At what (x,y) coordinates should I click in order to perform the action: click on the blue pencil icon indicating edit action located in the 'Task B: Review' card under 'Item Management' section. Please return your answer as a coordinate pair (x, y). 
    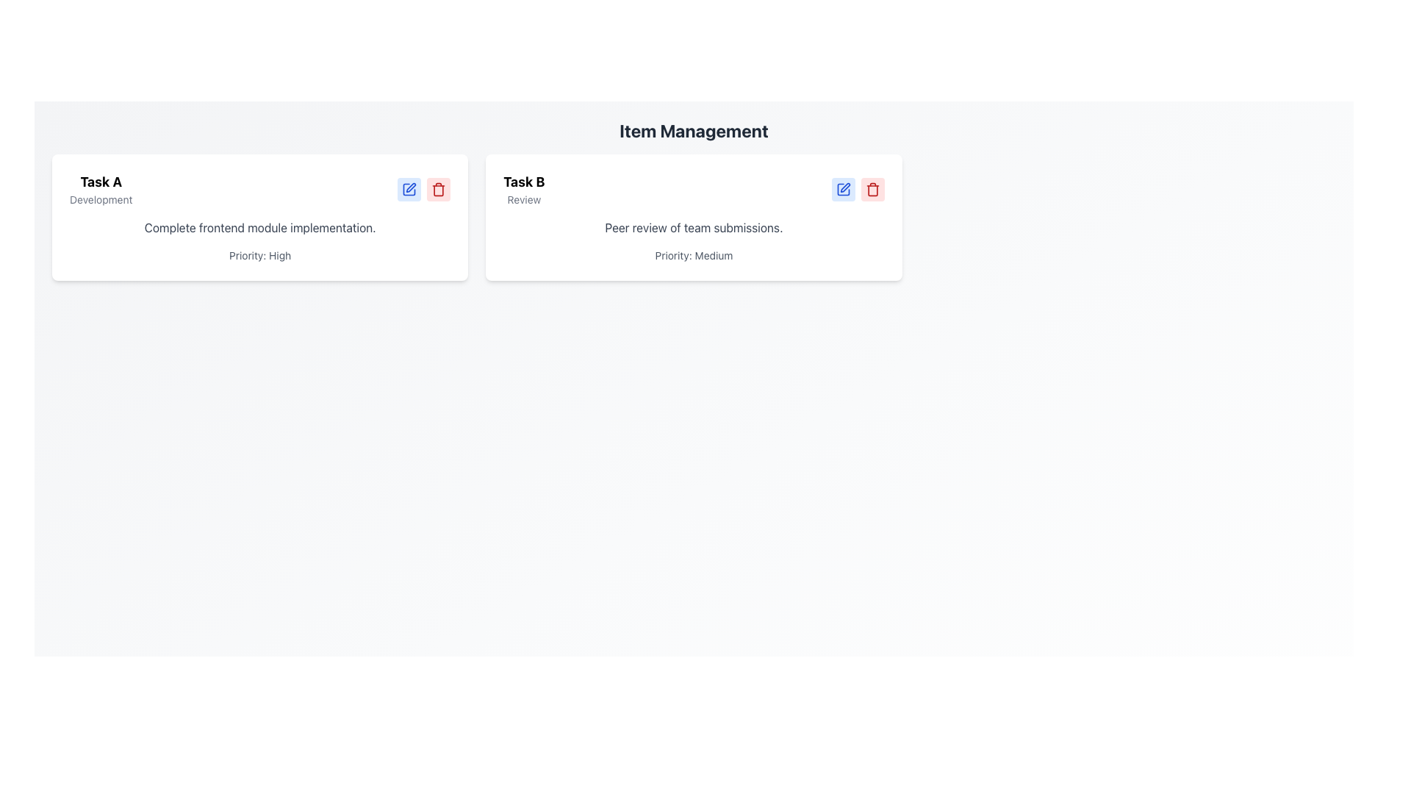
    Looking at the image, I should click on (843, 189).